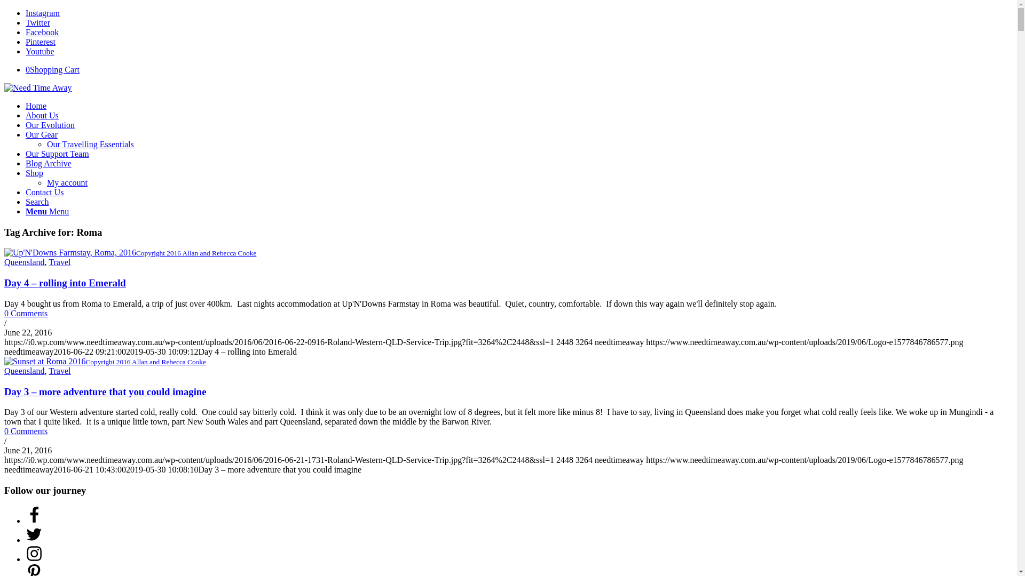 The width and height of the screenshot is (1025, 576). What do you see at coordinates (26, 313) in the screenshot?
I see `'0 Comments'` at bounding box center [26, 313].